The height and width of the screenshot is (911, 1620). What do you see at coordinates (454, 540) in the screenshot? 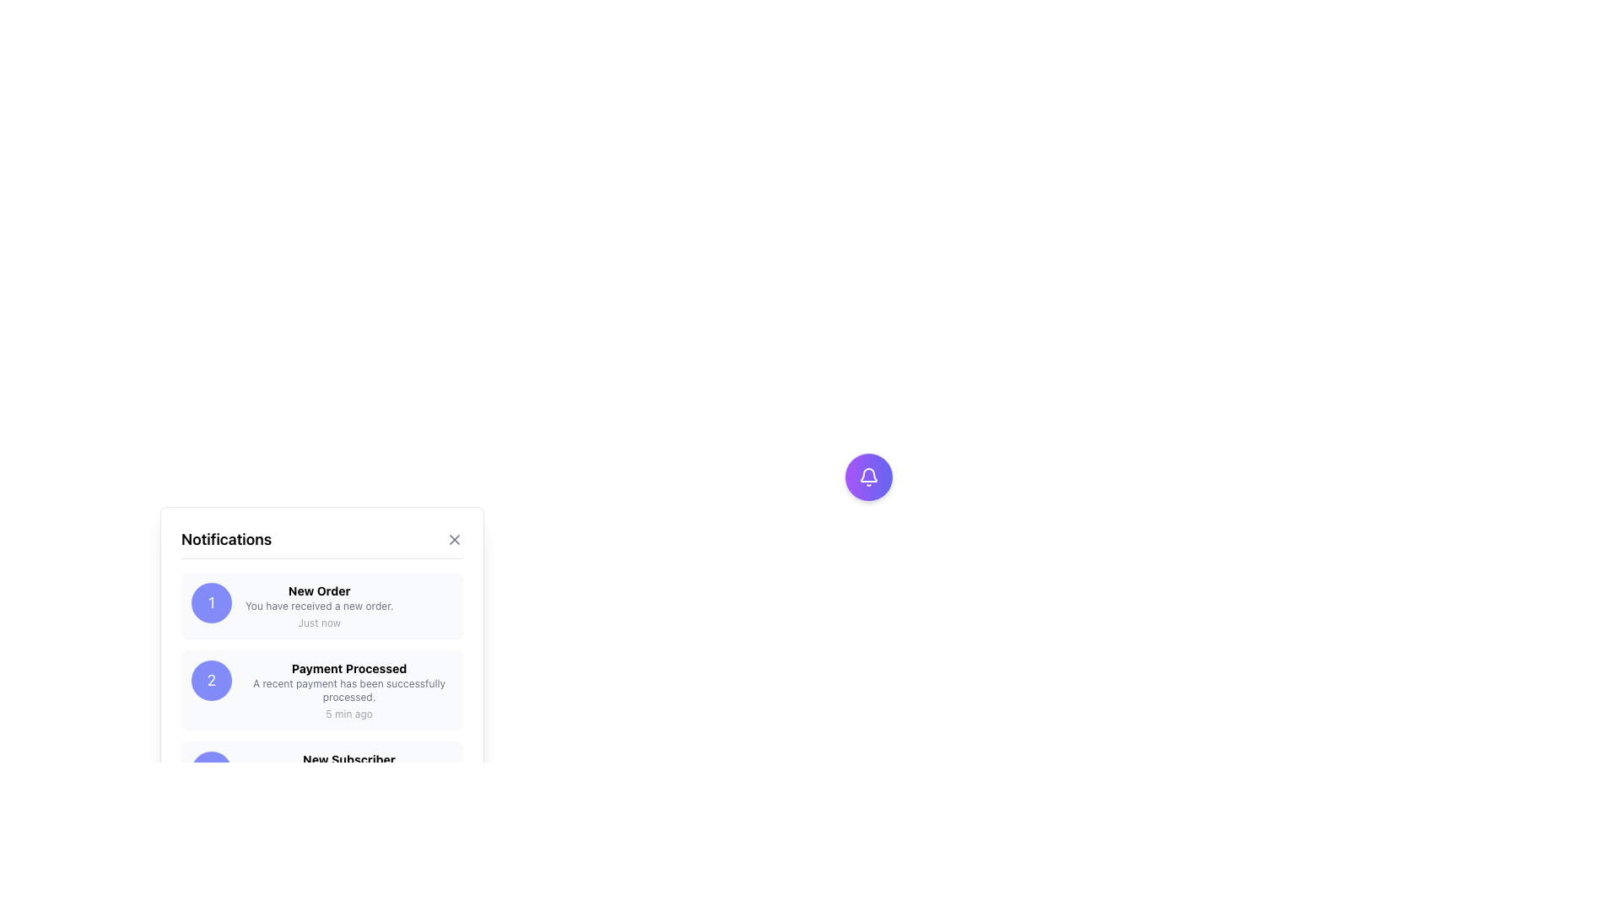
I see `the close button represented by an 'X' icon located to the right of the 'Notifications' title` at bounding box center [454, 540].